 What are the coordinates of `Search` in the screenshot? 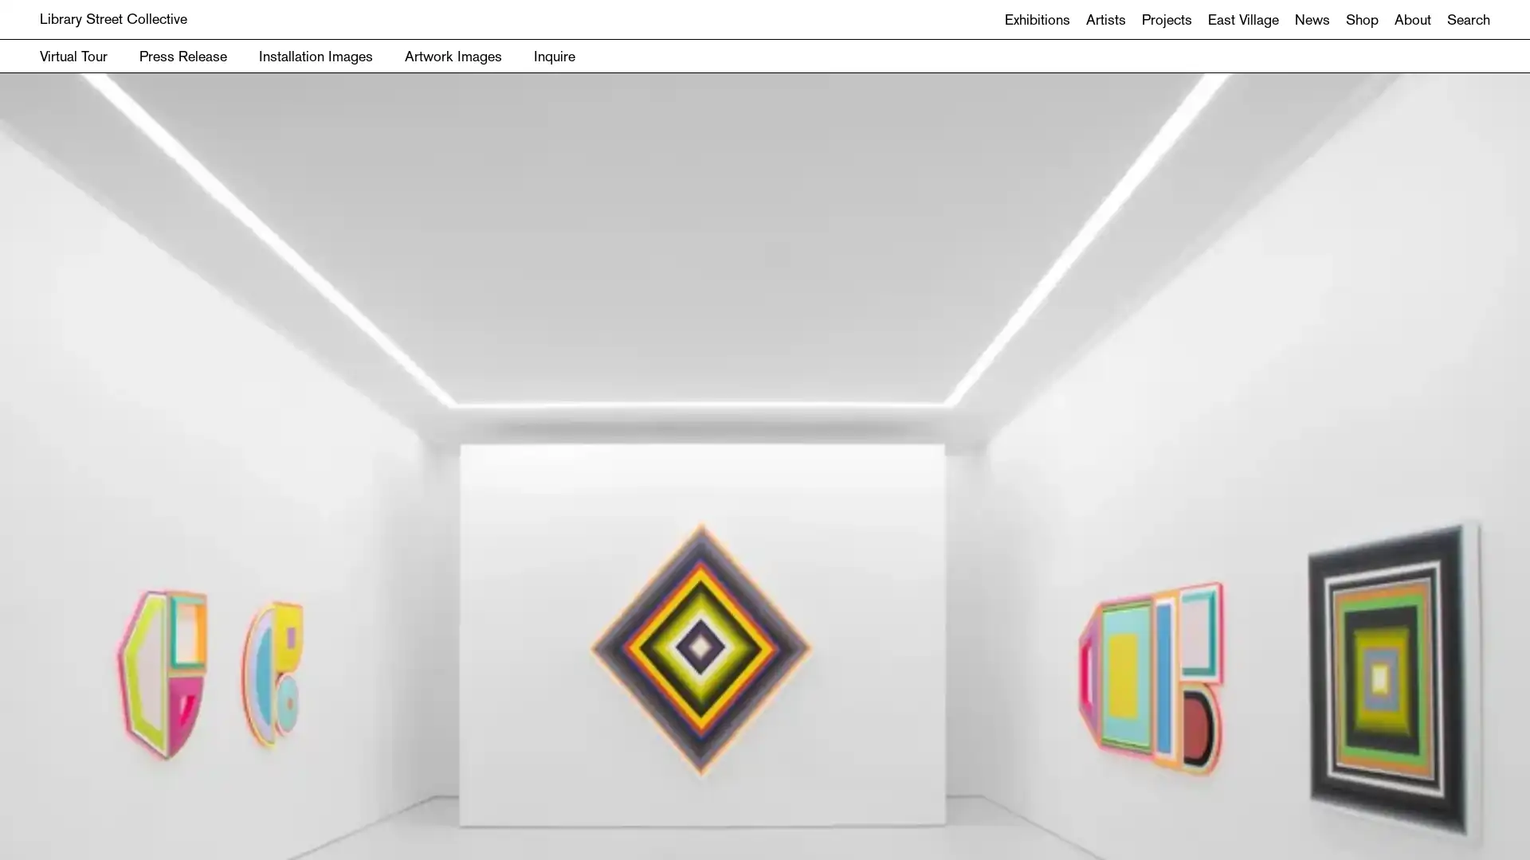 It's located at (1468, 19).